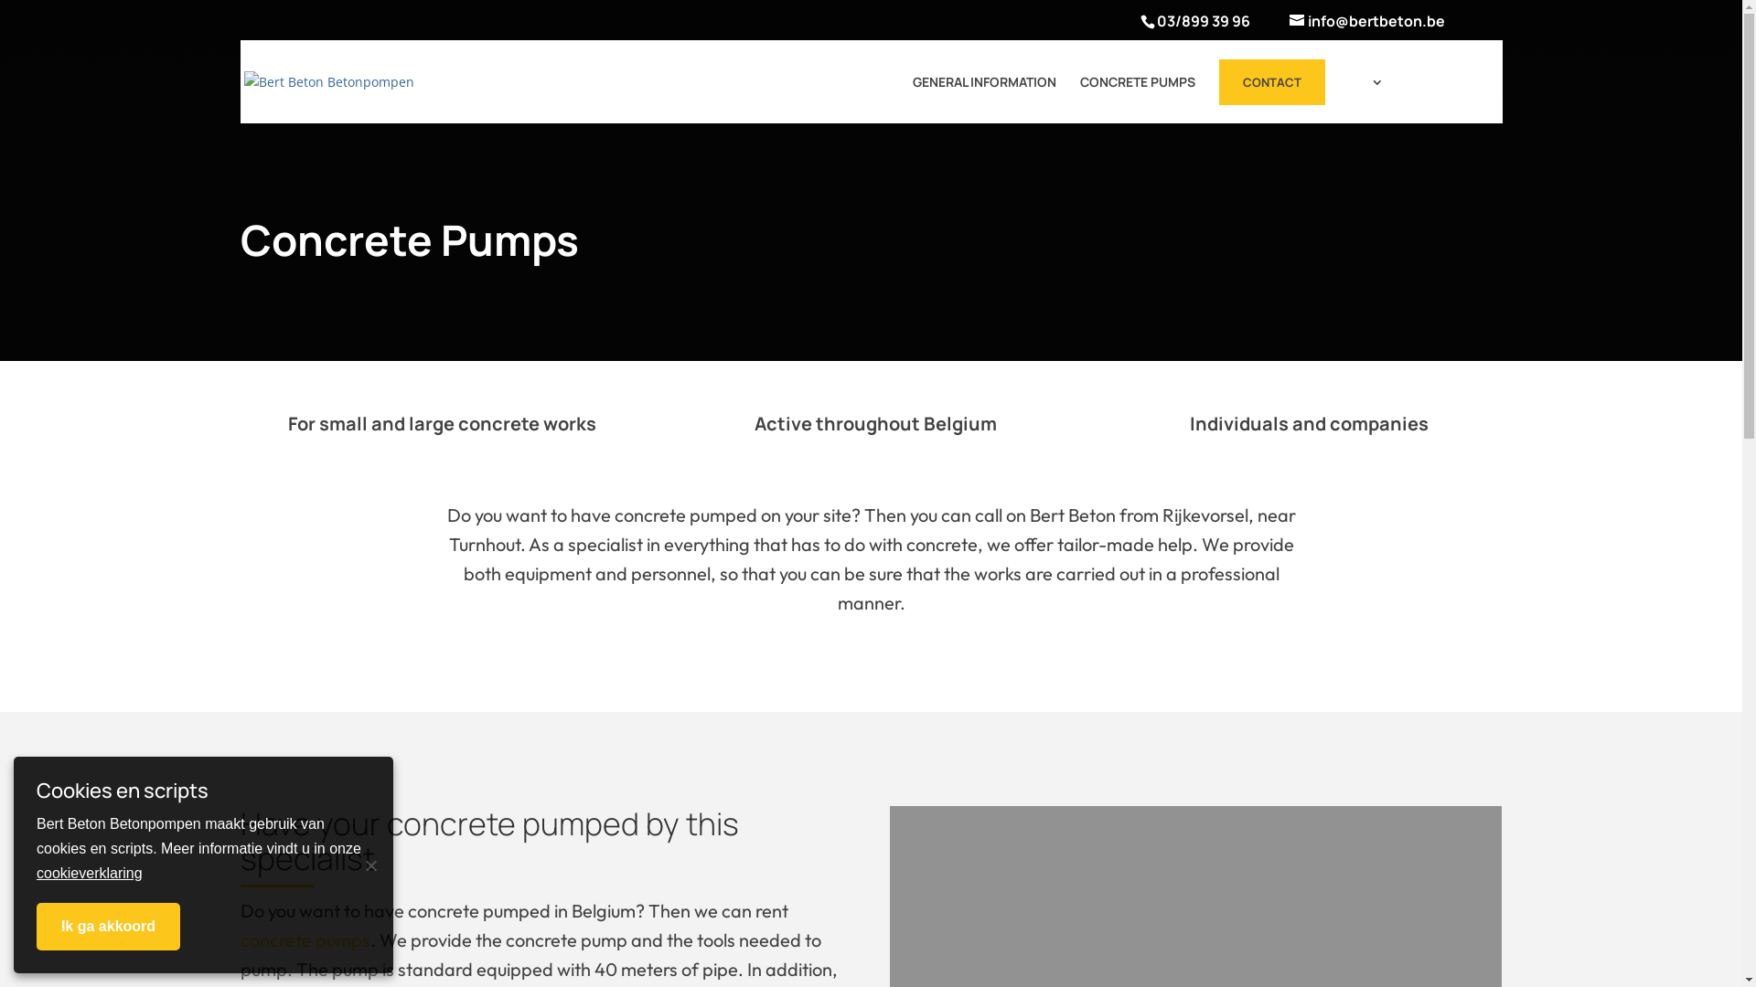  What do you see at coordinates (1270, 80) in the screenshot?
I see `'CONTACT'` at bounding box center [1270, 80].